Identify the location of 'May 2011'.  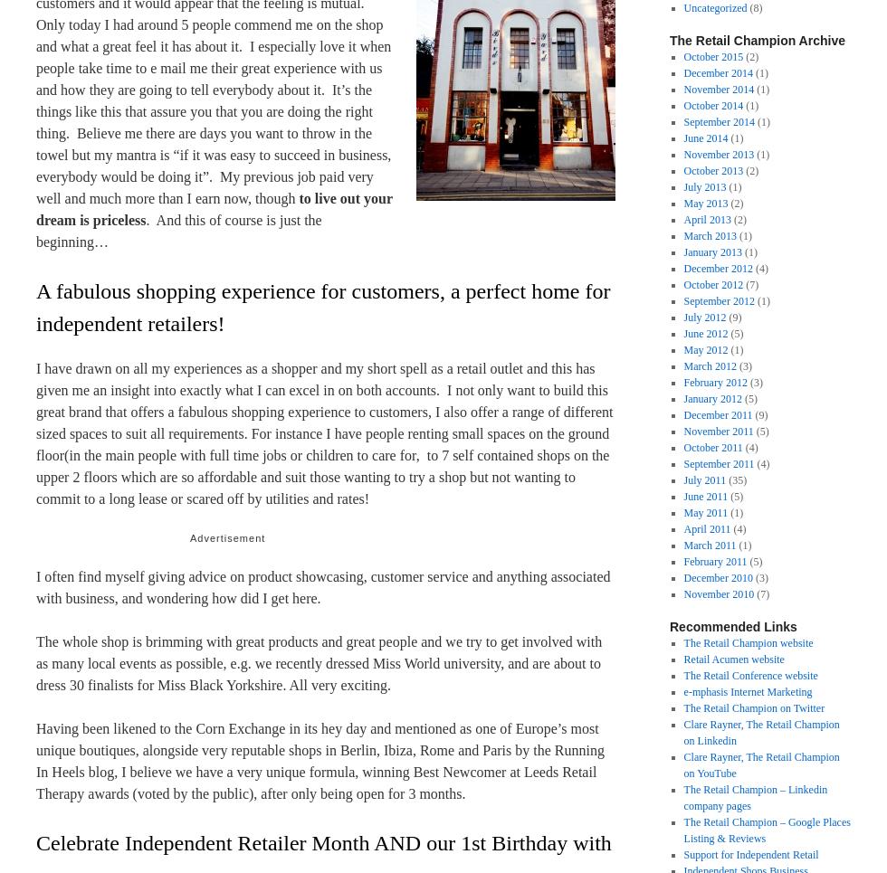
(682, 513).